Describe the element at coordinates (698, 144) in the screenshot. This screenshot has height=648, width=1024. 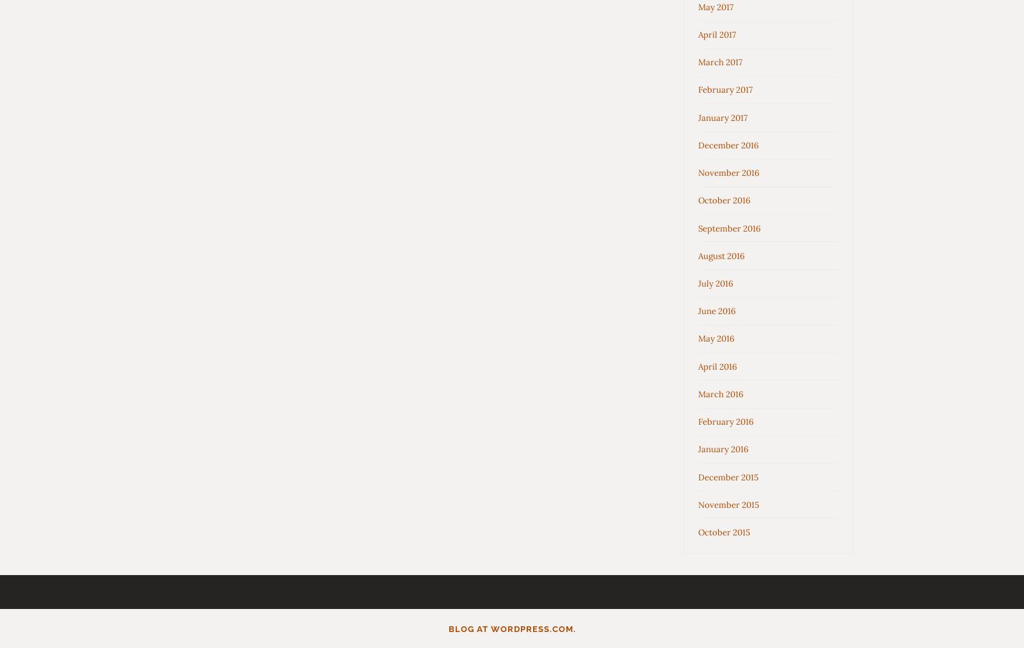
I see `'December 2016'` at that location.